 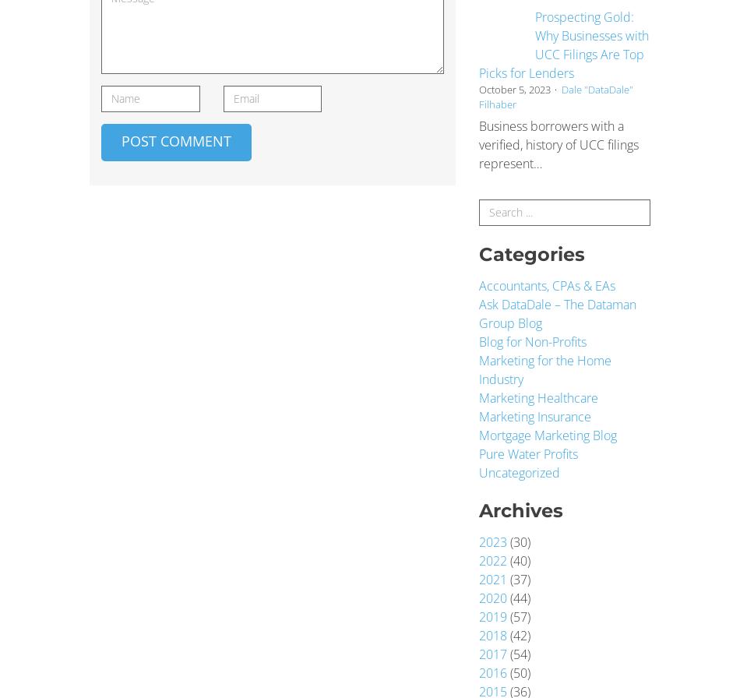 I want to click on '(40)', so click(x=507, y=561).